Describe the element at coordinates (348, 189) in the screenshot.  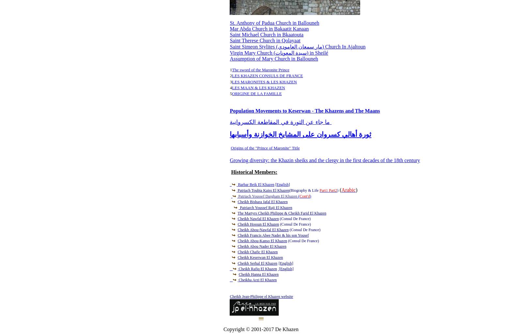
I see `'Arabic'` at that location.